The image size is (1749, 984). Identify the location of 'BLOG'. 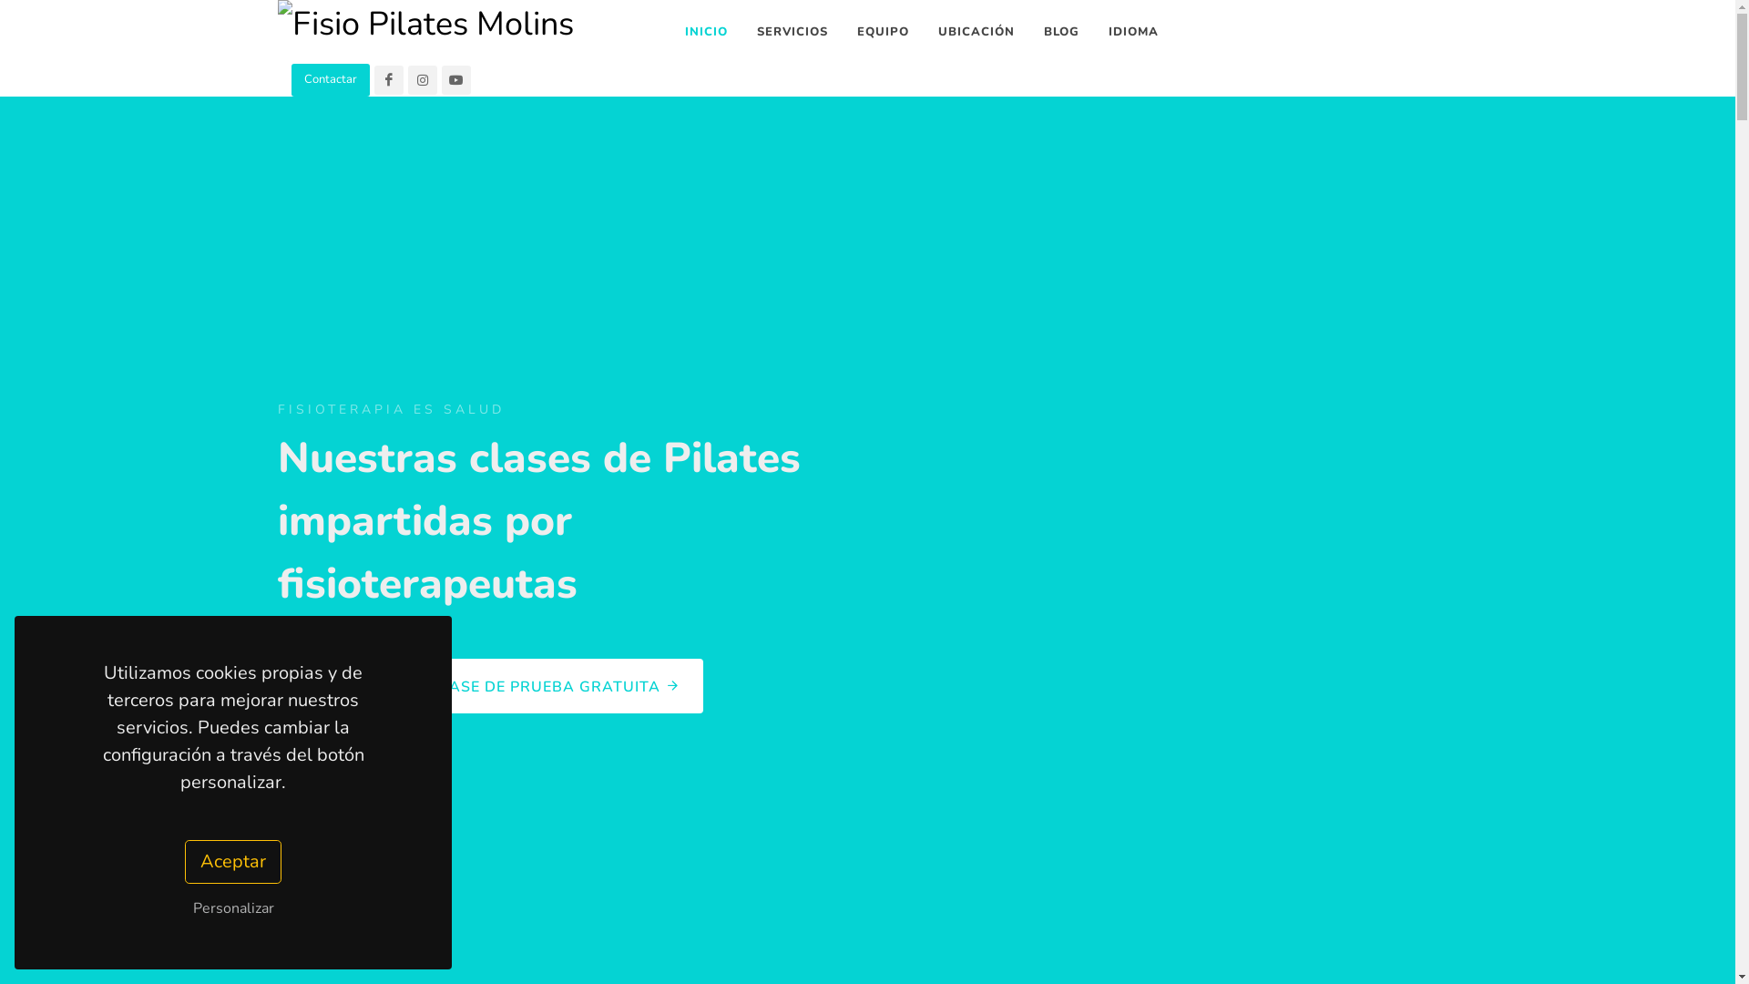
(1060, 31).